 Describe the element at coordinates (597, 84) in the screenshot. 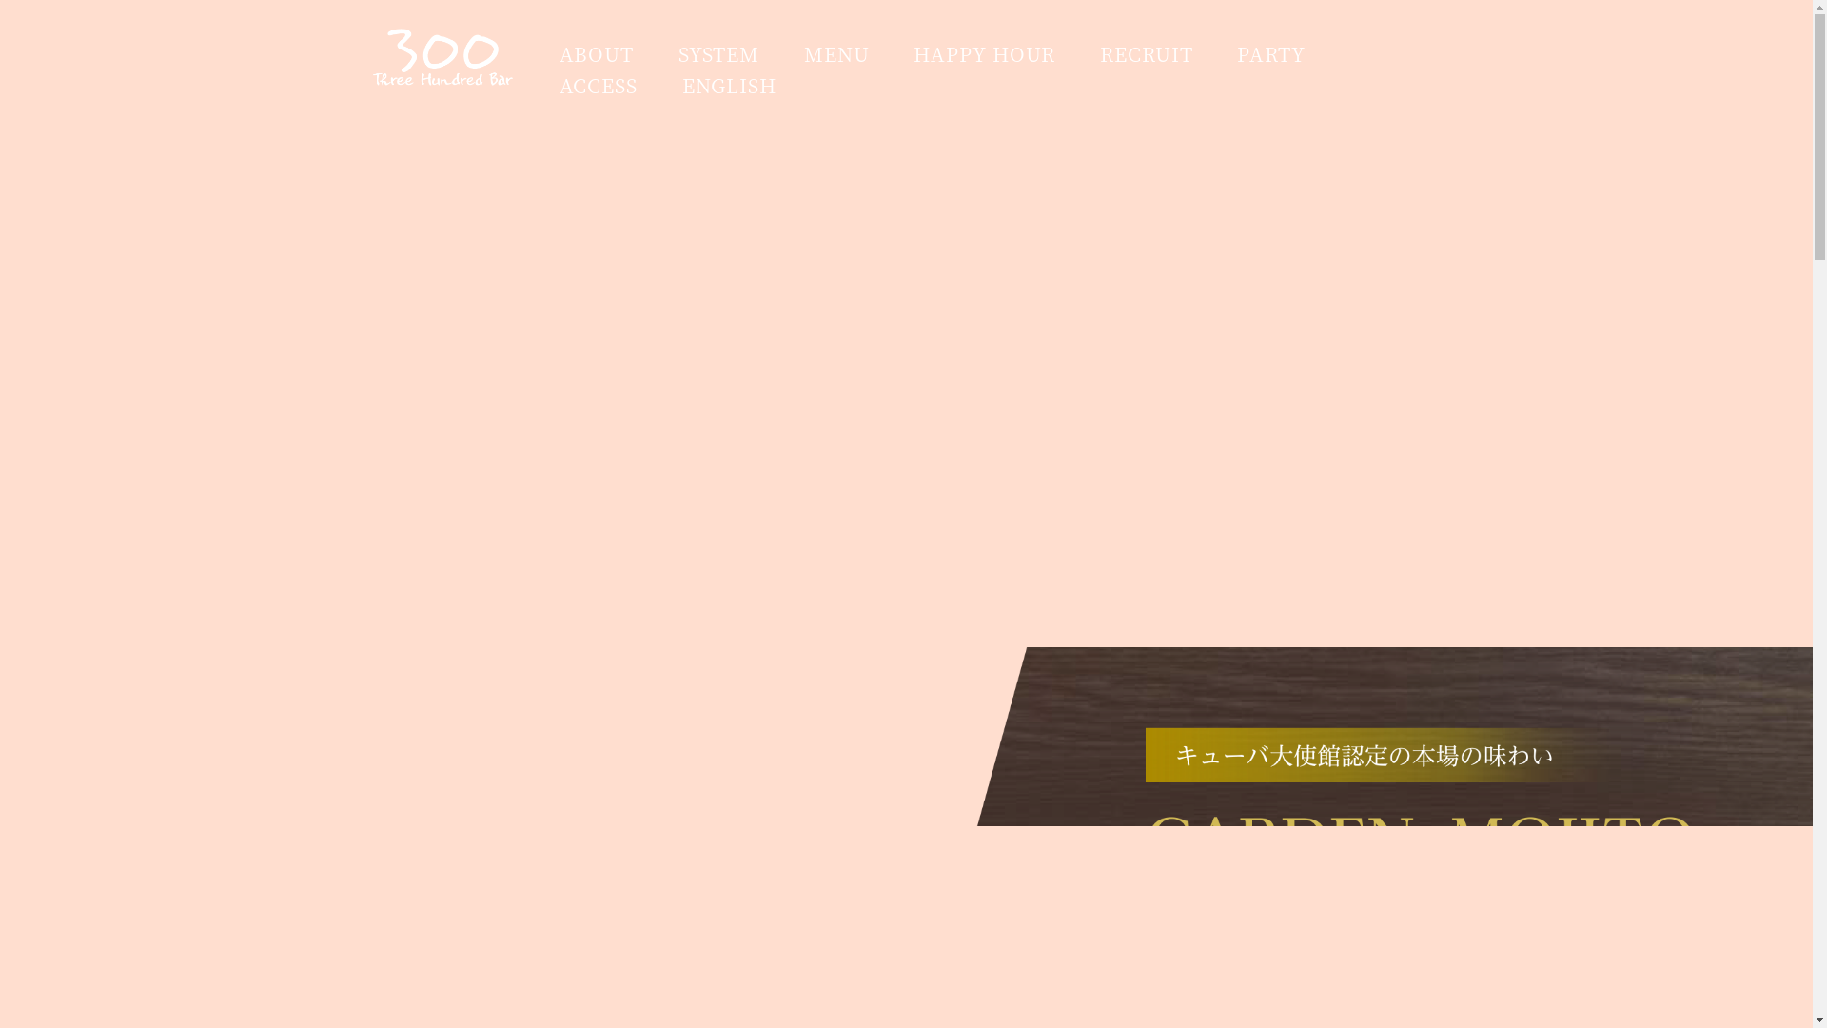

I see `'ACCESS'` at that location.